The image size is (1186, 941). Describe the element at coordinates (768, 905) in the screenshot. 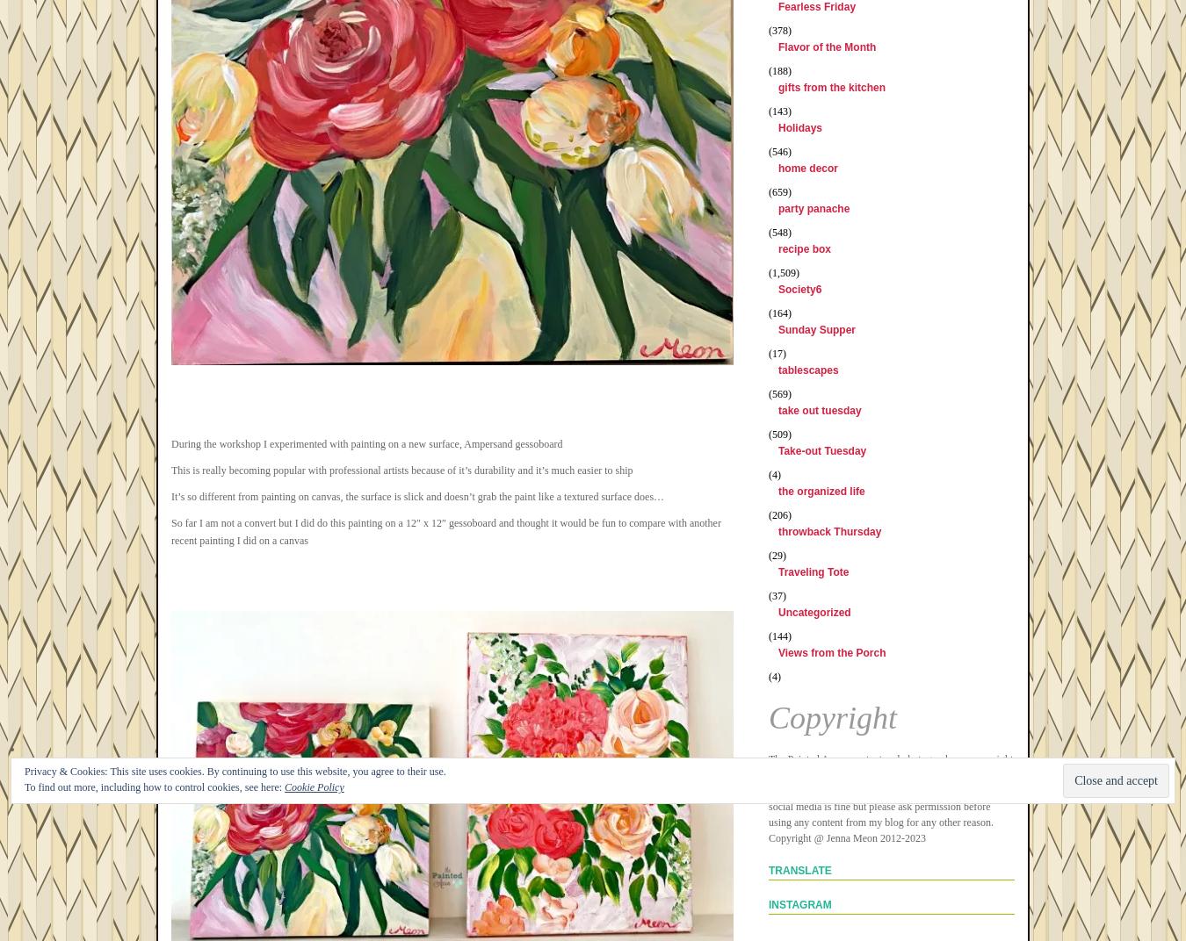

I see `'Instagram'` at that location.